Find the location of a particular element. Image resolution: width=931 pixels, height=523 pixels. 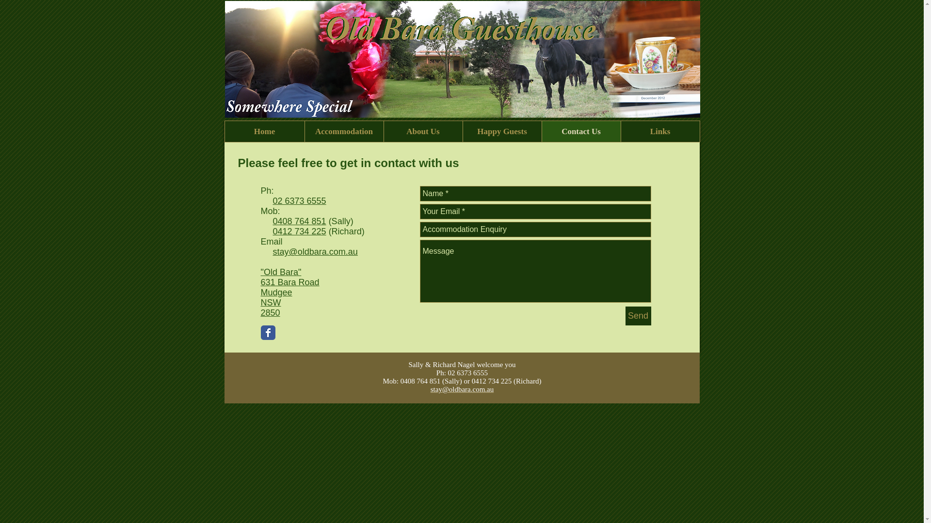

'Mudgee' is located at coordinates (276, 292).